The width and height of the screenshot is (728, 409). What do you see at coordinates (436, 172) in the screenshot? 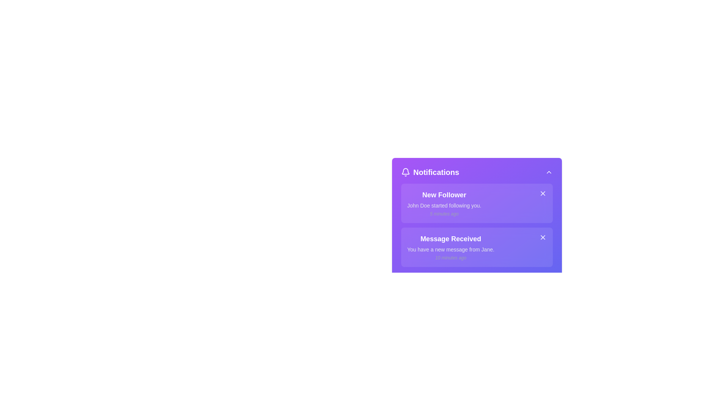
I see `text content of the title label located in the top-left corner of the notification panel, right next to the bell-shaped icon` at bounding box center [436, 172].